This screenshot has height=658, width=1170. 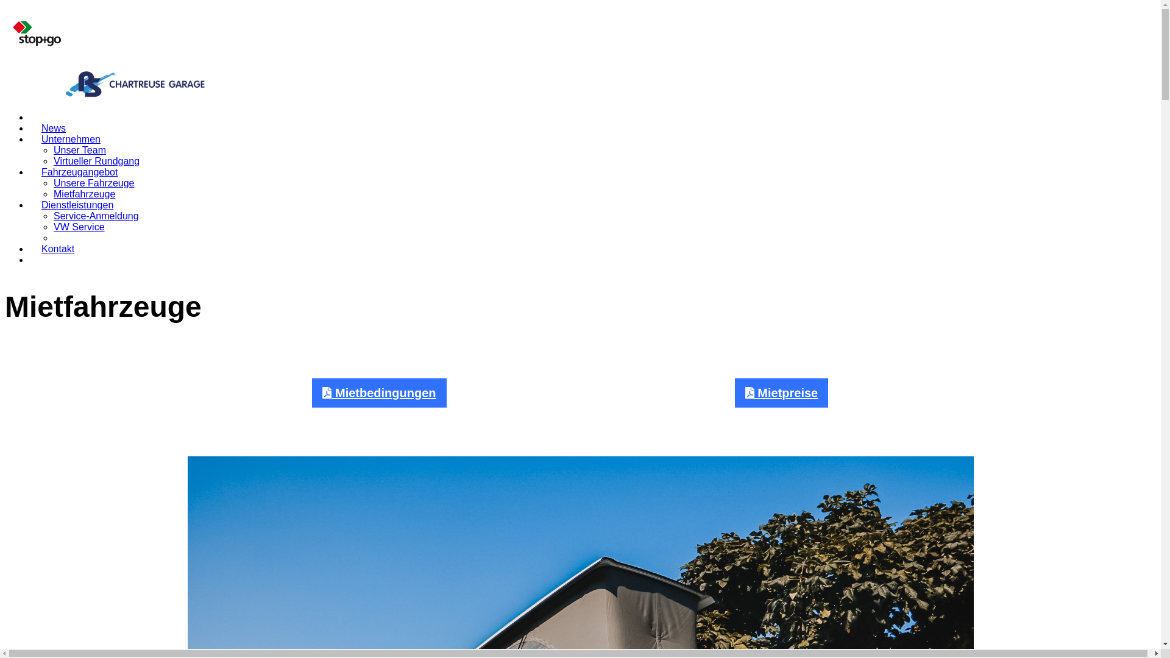 What do you see at coordinates (83, 193) in the screenshot?
I see `'Mietfahrzeuge'` at bounding box center [83, 193].